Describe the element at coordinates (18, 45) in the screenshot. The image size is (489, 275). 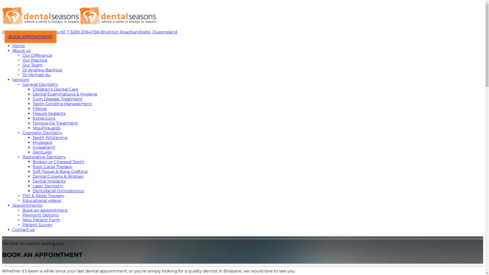
I see `'Home'` at that location.